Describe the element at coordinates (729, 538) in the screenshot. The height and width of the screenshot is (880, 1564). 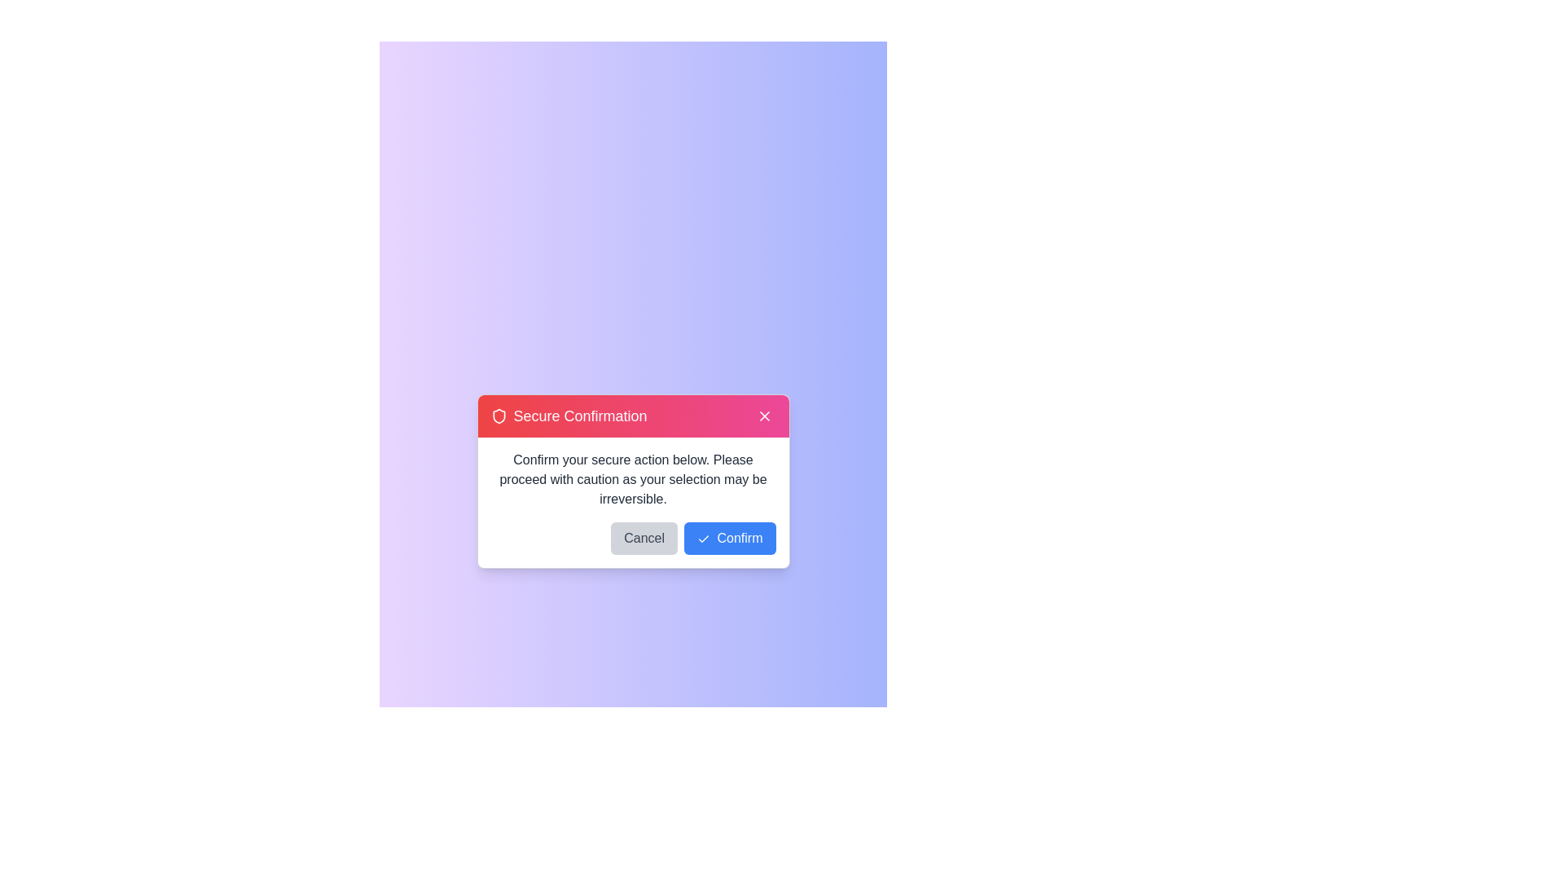
I see `the confirm button located to the right of the 'Cancel' button within the modal dialog box to finalize the user's choice` at that location.